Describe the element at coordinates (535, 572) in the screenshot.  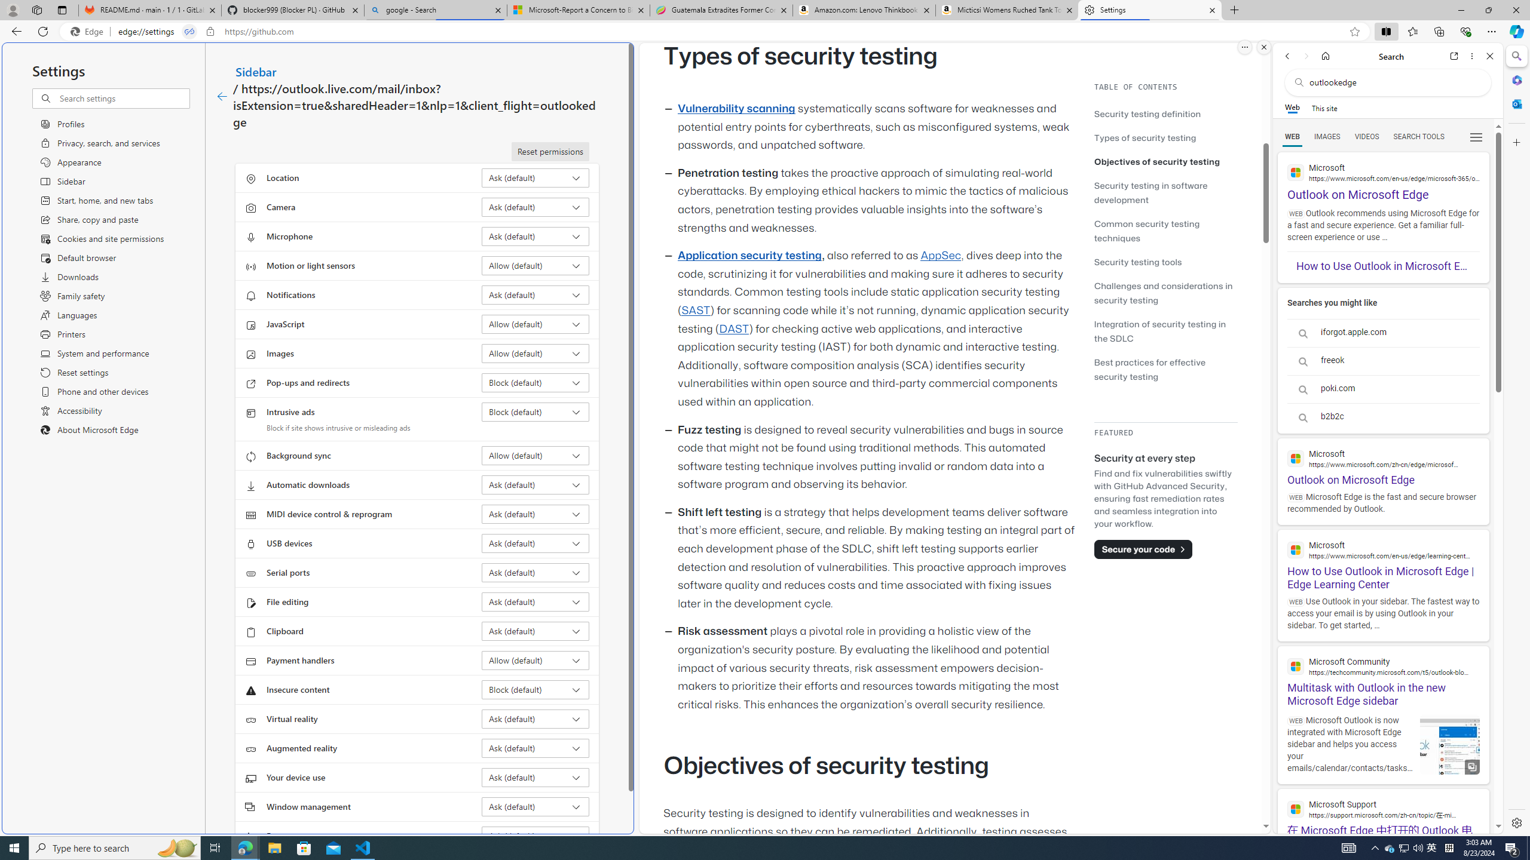
I see `'Serial ports Ask (default)'` at that location.